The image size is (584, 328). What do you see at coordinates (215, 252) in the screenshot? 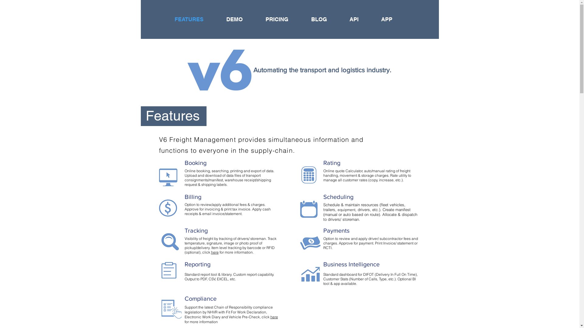
I see `'here'` at bounding box center [215, 252].